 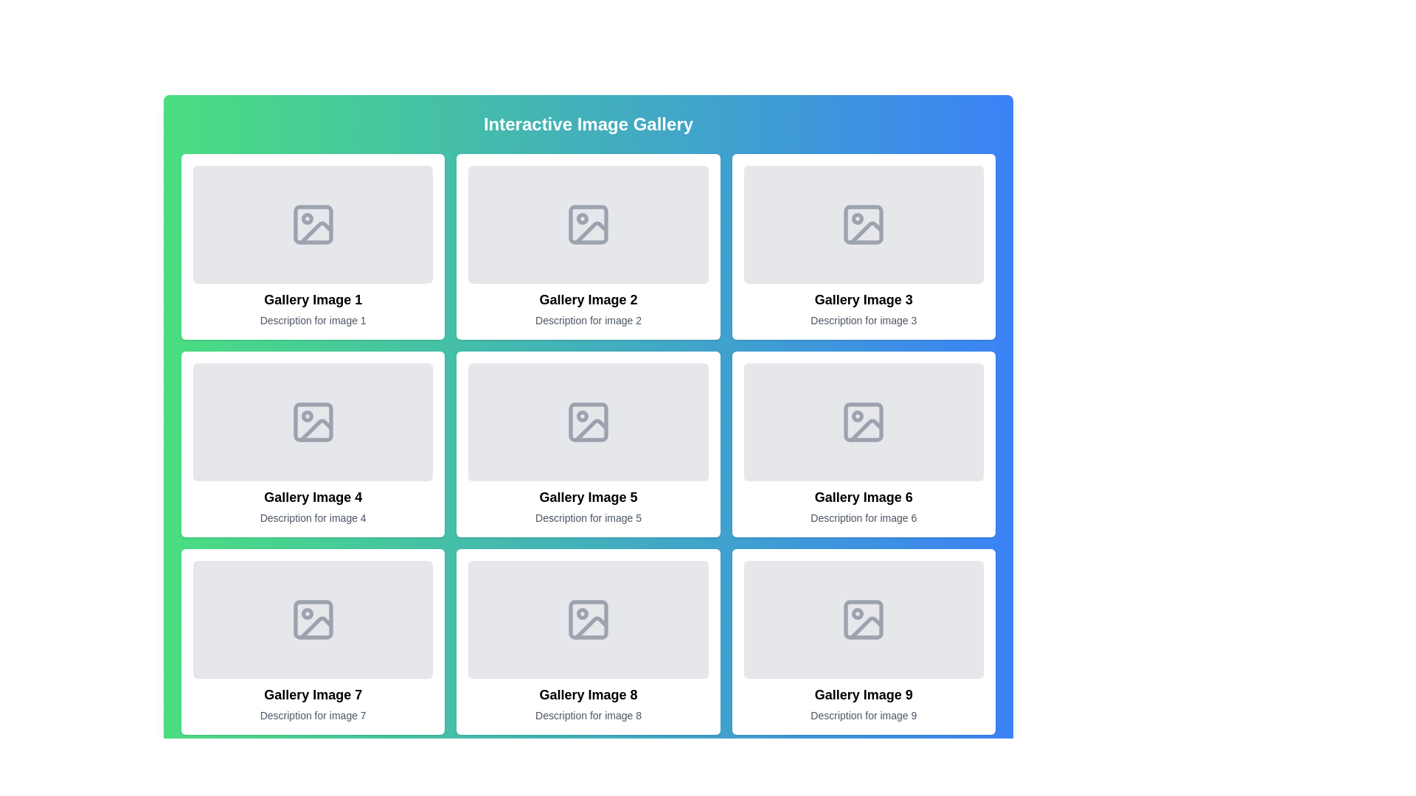 I want to click on the first item in the third row of the gallery, so click(x=312, y=641).